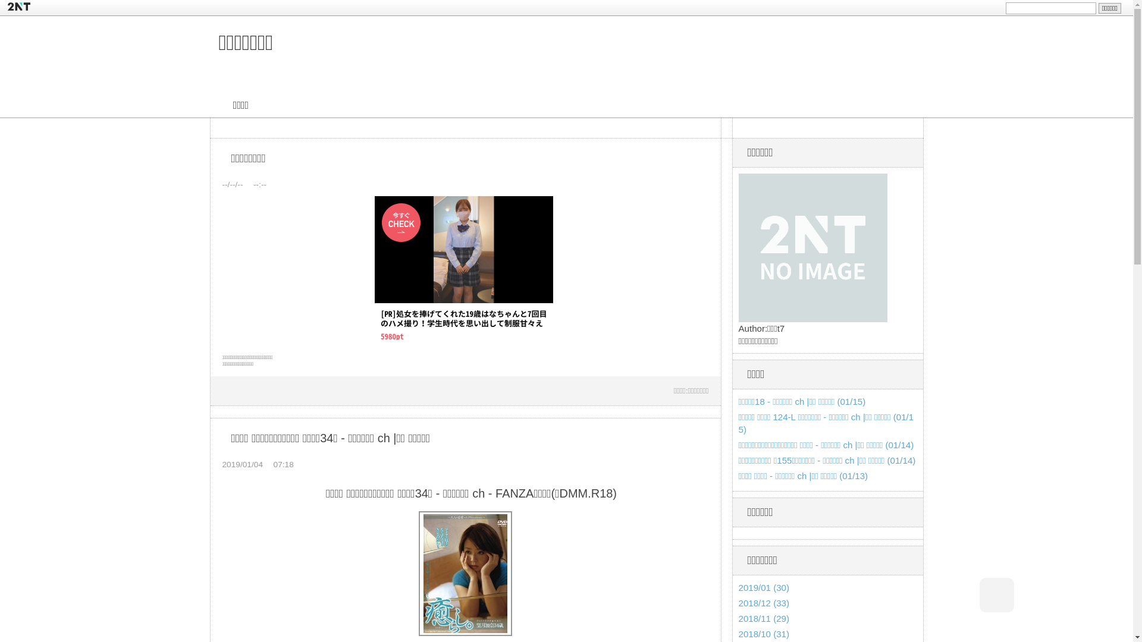  What do you see at coordinates (738, 633) in the screenshot?
I see `'2018/10 (31)'` at bounding box center [738, 633].